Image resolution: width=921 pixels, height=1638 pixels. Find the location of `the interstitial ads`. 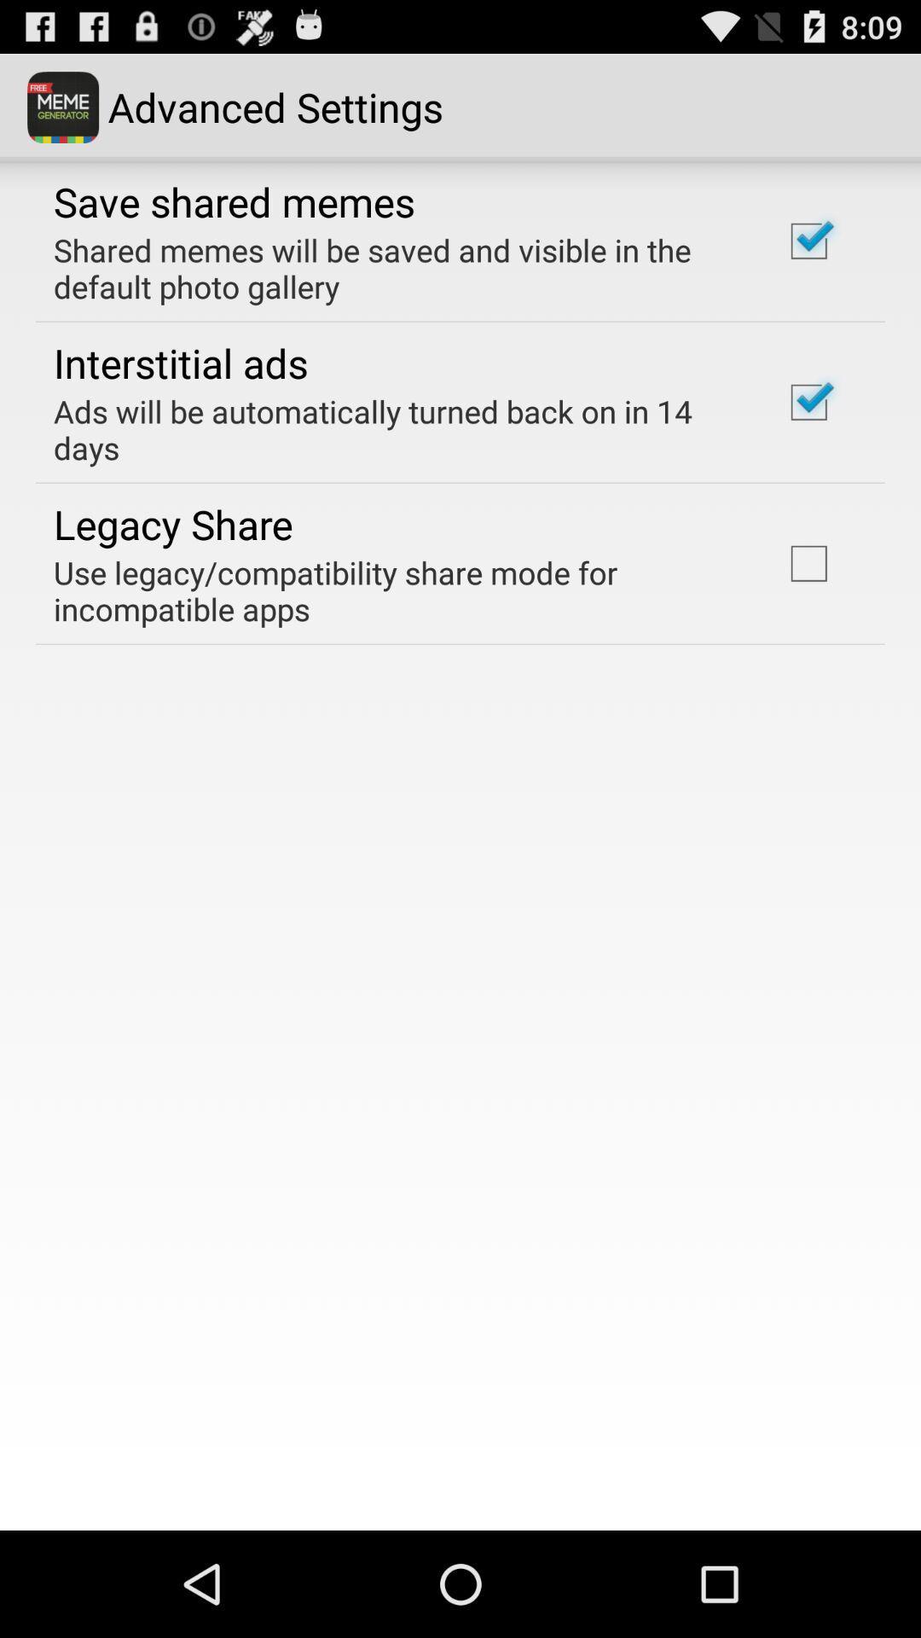

the interstitial ads is located at coordinates (181, 362).